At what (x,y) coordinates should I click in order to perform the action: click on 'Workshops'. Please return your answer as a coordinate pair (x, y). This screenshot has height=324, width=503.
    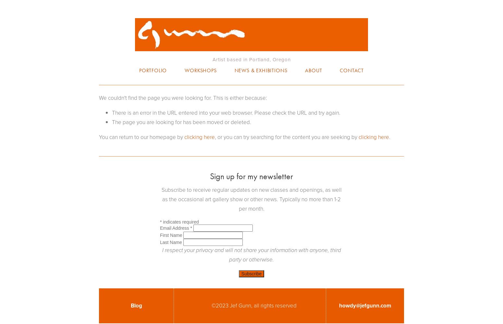
    Looking at the image, I should click on (185, 70).